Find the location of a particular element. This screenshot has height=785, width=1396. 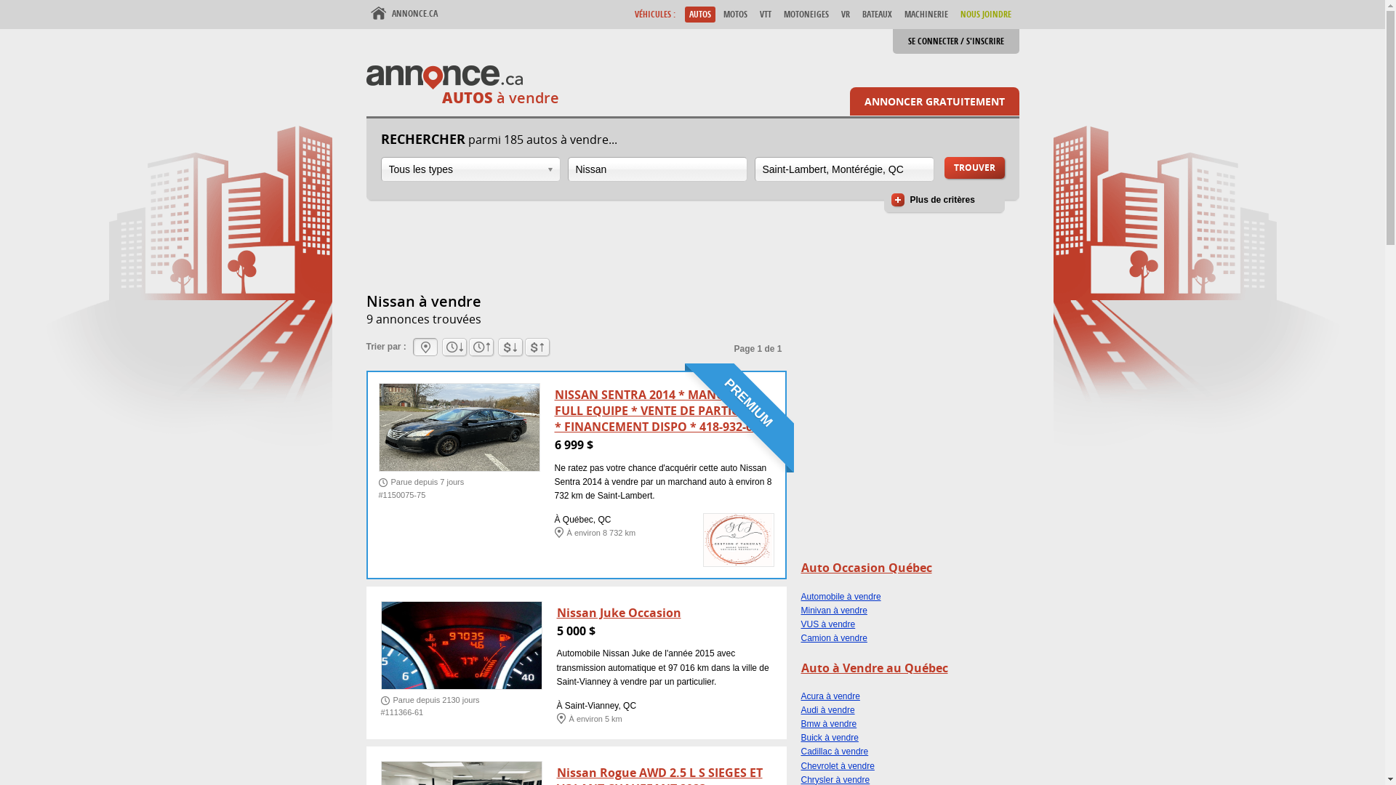

'NOUS JOINDRE' is located at coordinates (984, 14).